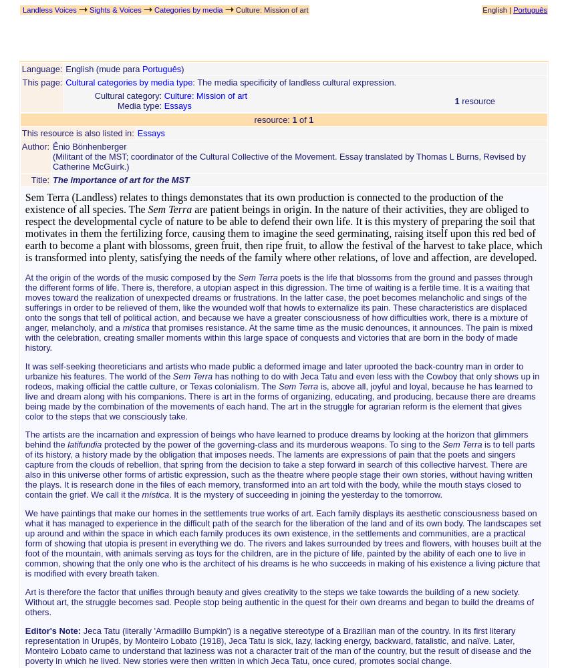 Image resolution: width=568 pixels, height=668 pixels. I want to click on 'protected by the power of the governing-class and its
murderous weapons. To sing to the', so click(271, 444).